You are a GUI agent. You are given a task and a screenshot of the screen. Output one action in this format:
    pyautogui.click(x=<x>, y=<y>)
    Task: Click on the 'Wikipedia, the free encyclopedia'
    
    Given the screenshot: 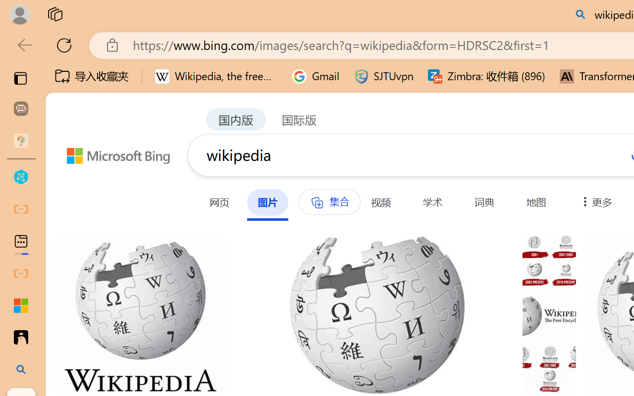 What is the action you would take?
    pyautogui.click(x=216, y=76)
    